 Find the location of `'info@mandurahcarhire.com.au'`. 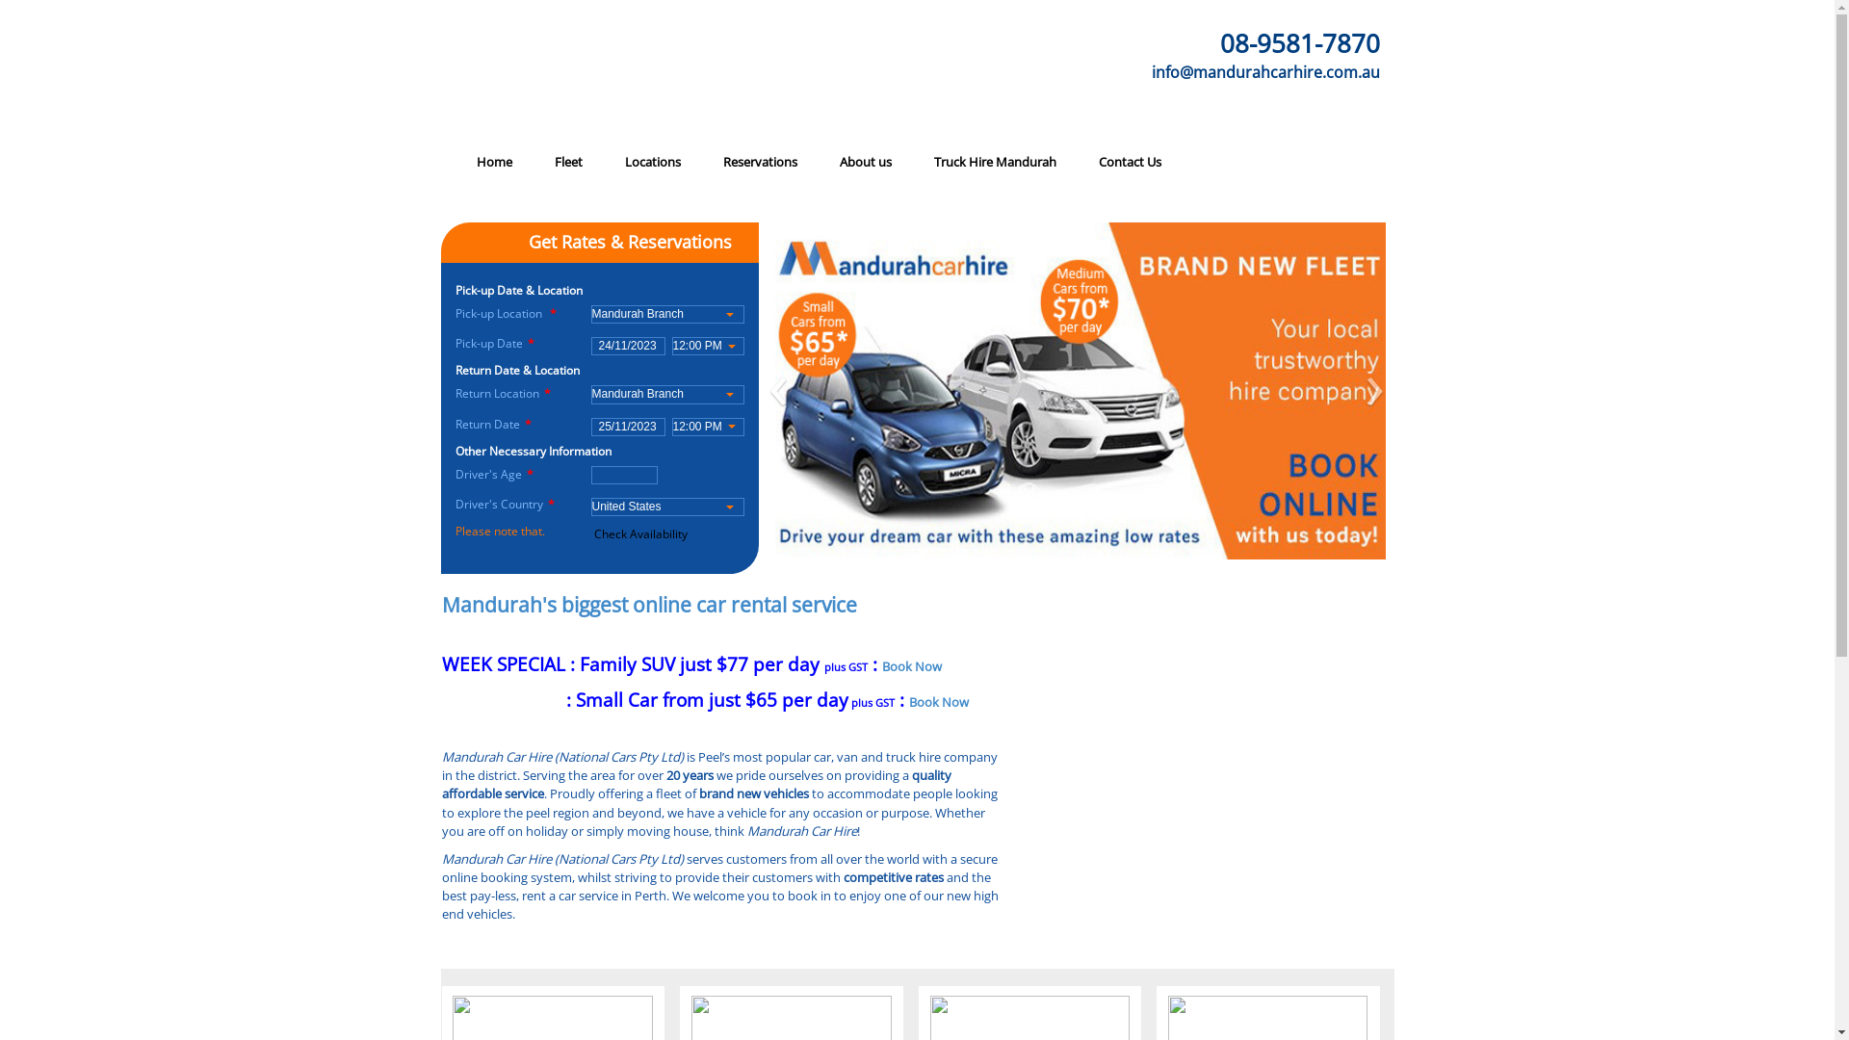

'info@mandurahcarhire.com.au' is located at coordinates (1202, 54).